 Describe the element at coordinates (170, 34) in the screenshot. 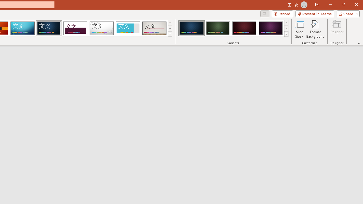

I see `'Themes'` at that location.